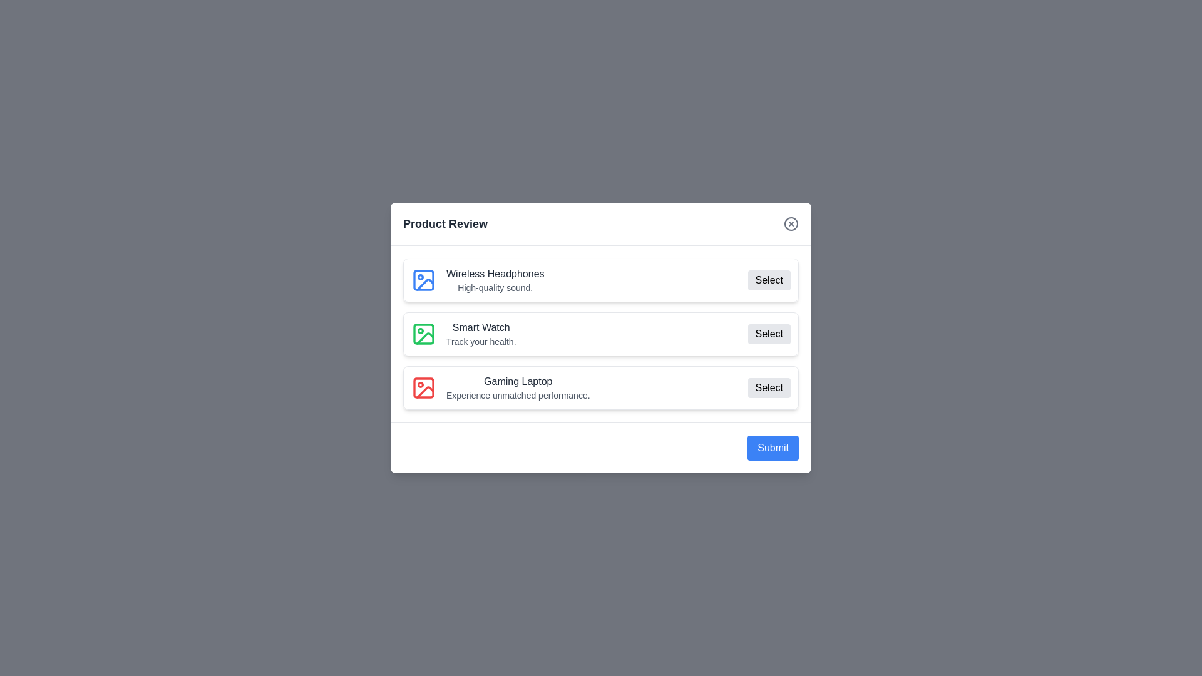 This screenshot has width=1202, height=676. I want to click on 'Select' button for the product identified by Gaming Laptop, so click(768, 387).